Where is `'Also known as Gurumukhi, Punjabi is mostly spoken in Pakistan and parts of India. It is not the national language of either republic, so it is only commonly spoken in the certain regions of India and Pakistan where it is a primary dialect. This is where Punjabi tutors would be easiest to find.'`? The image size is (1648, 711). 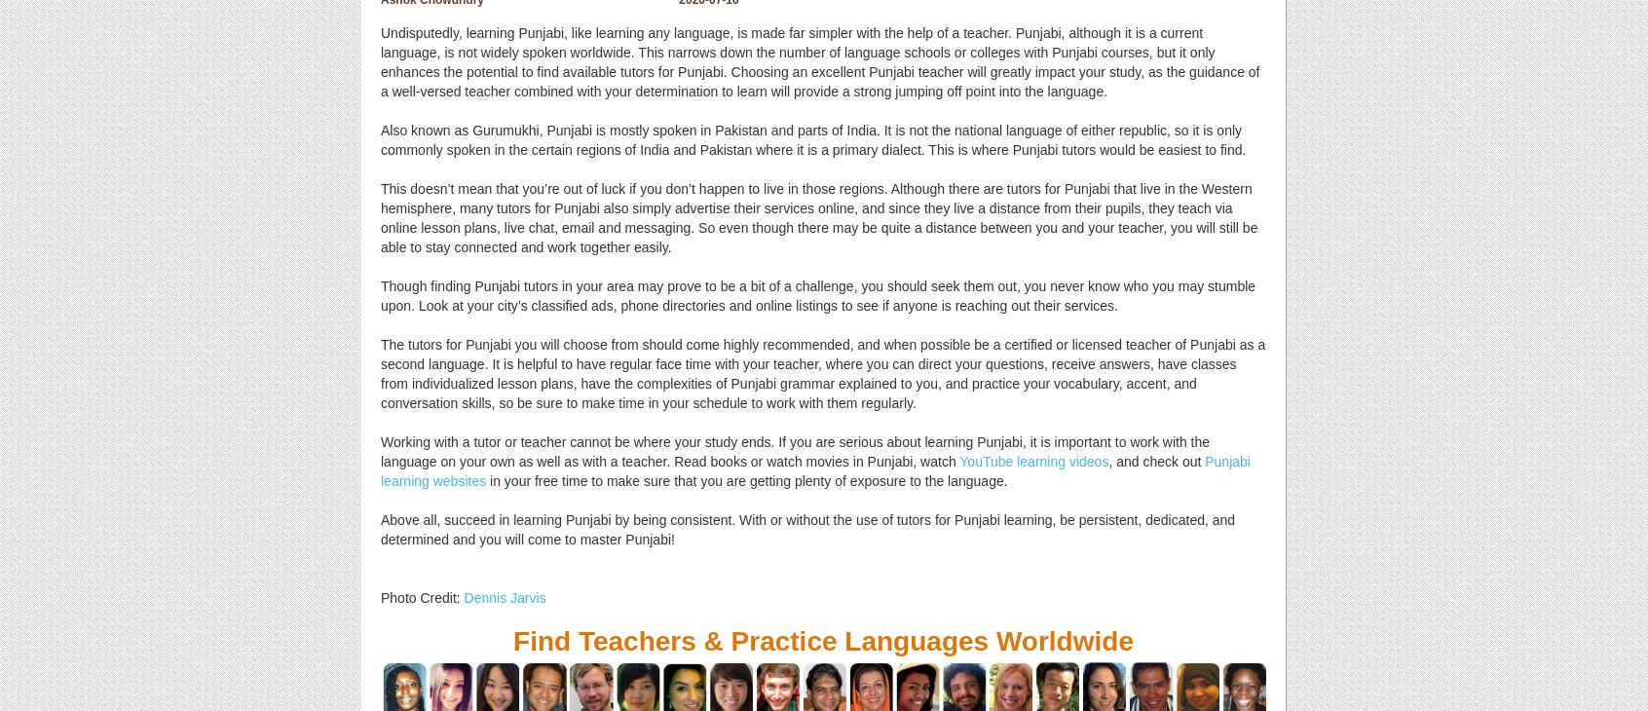
'Also known as Gurumukhi, Punjabi is mostly spoken in Pakistan and parts of India. It is not the national language of either republic, so it is only commonly spoken in the certain regions of India and Pakistan where it is a primary dialect. This is where Punjabi tutors would be easiest to find.' is located at coordinates (813, 139).